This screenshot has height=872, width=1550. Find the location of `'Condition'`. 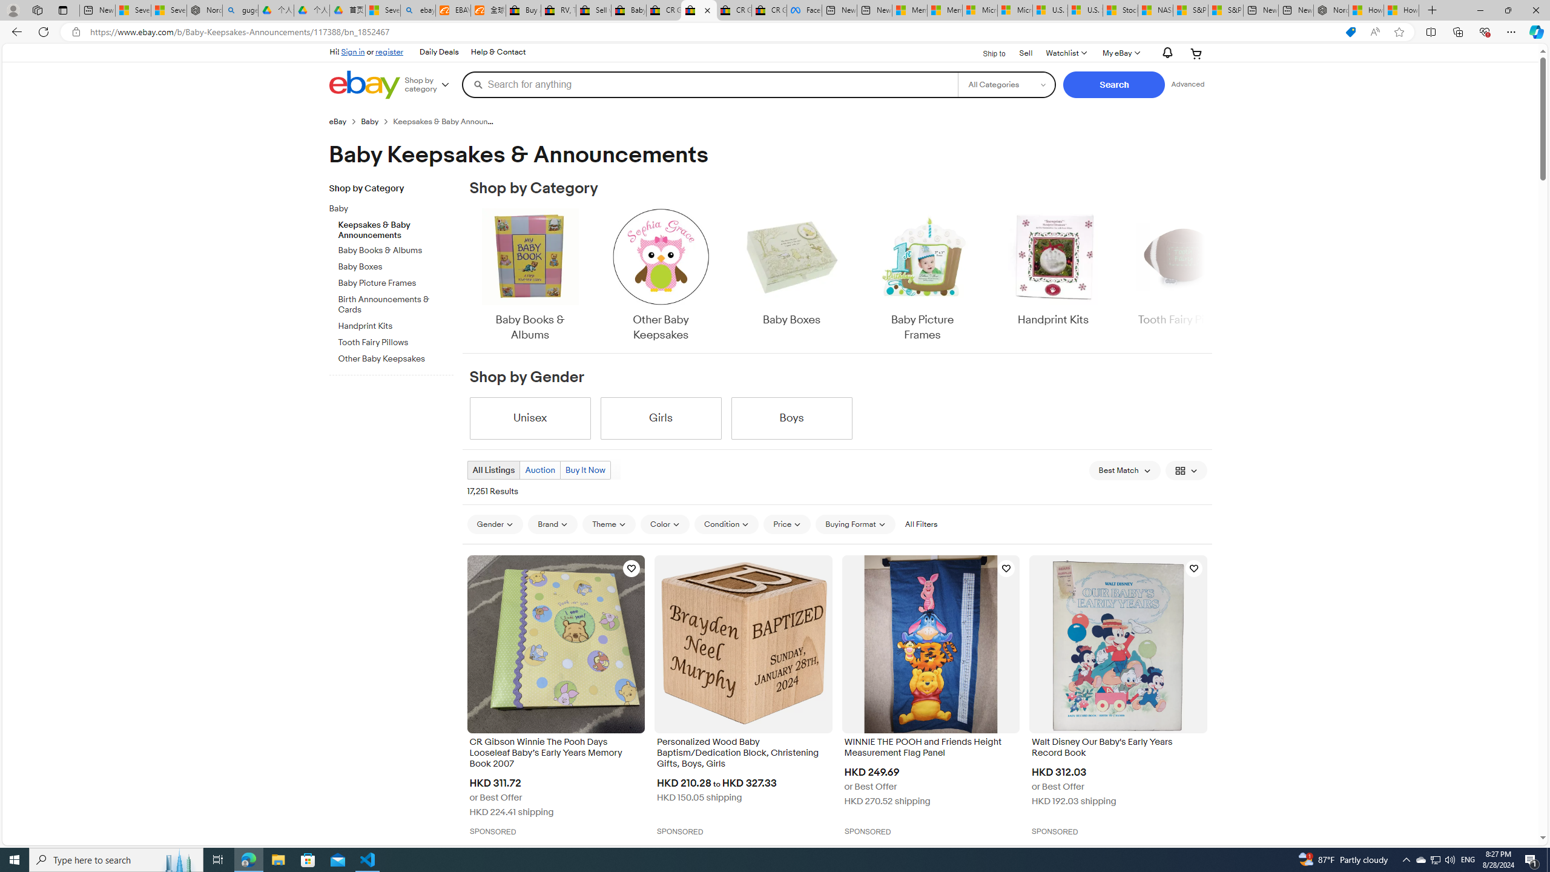

'Condition' is located at coordinates (726, 524).